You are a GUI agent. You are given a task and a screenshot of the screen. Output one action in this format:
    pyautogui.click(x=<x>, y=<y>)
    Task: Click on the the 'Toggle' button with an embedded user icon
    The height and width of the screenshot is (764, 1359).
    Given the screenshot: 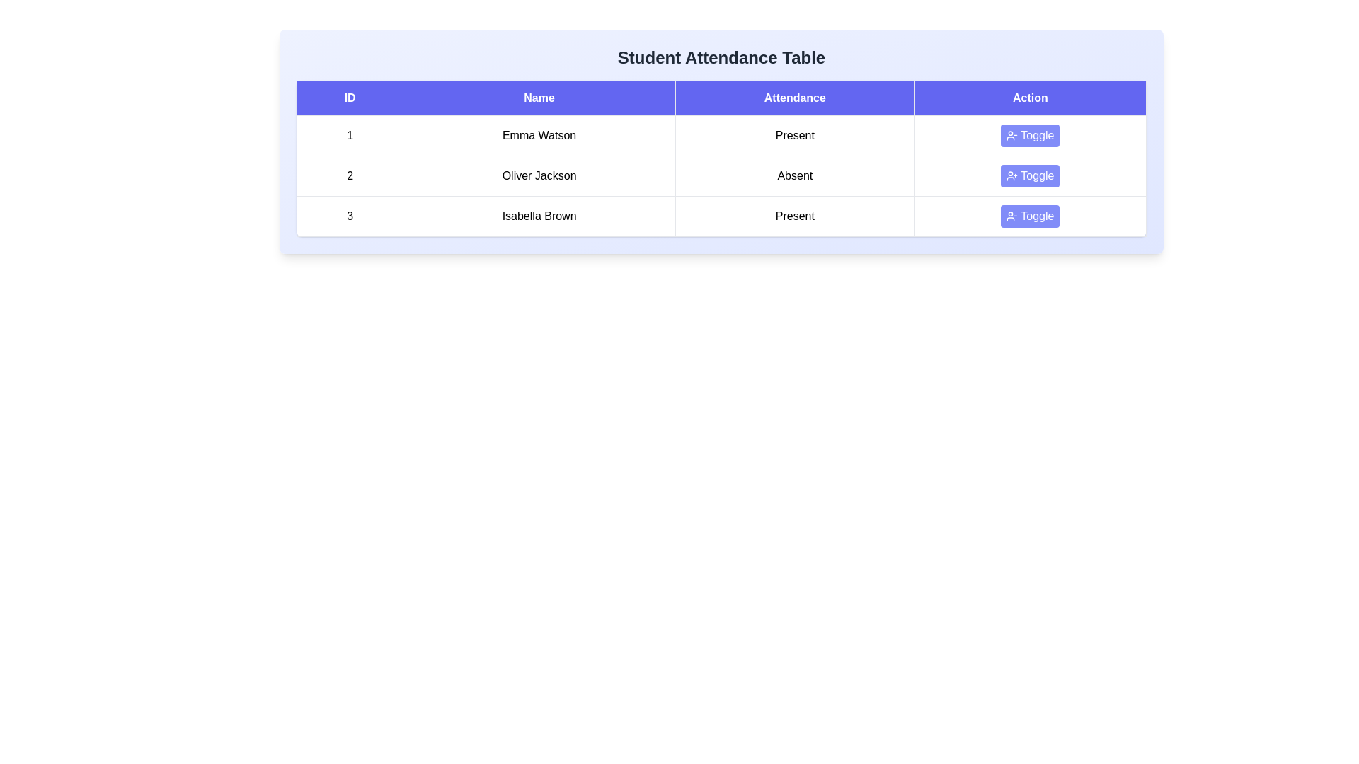 What is the action you would take?
    pyautogui.click(x=1030, y=175)
    